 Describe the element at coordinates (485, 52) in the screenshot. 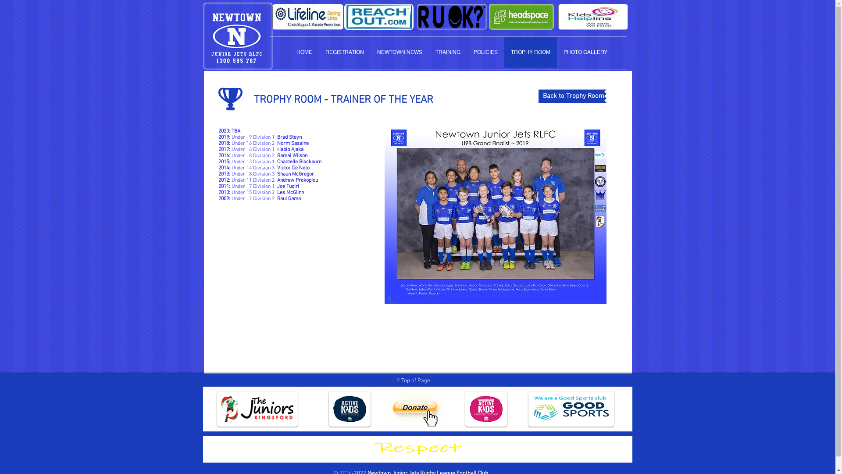

I see `'POLICIES'` at that location.